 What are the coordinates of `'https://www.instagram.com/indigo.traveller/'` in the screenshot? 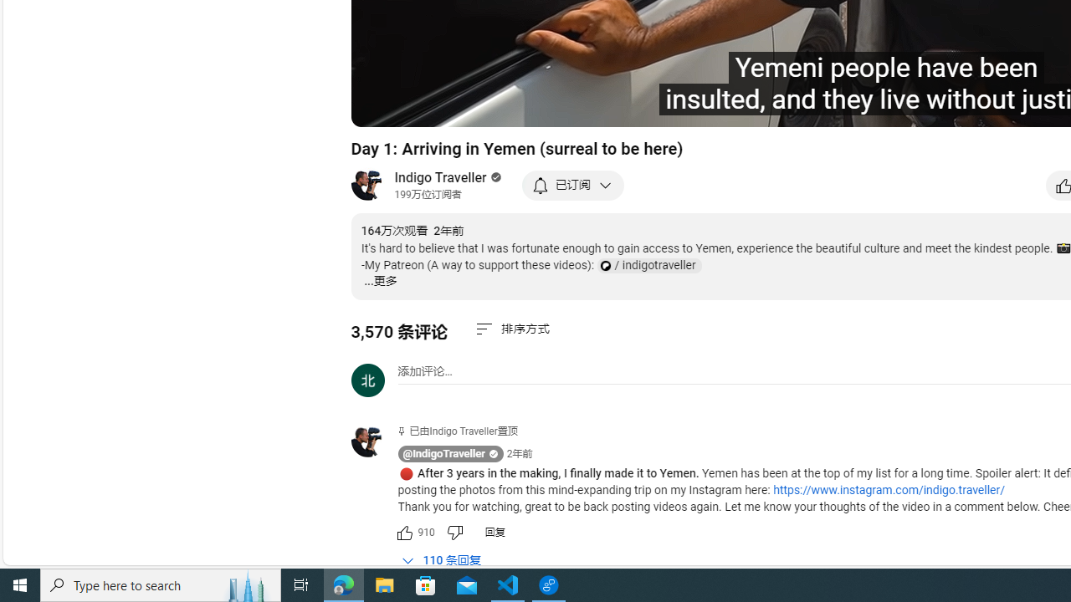 It's located at (888, 489).